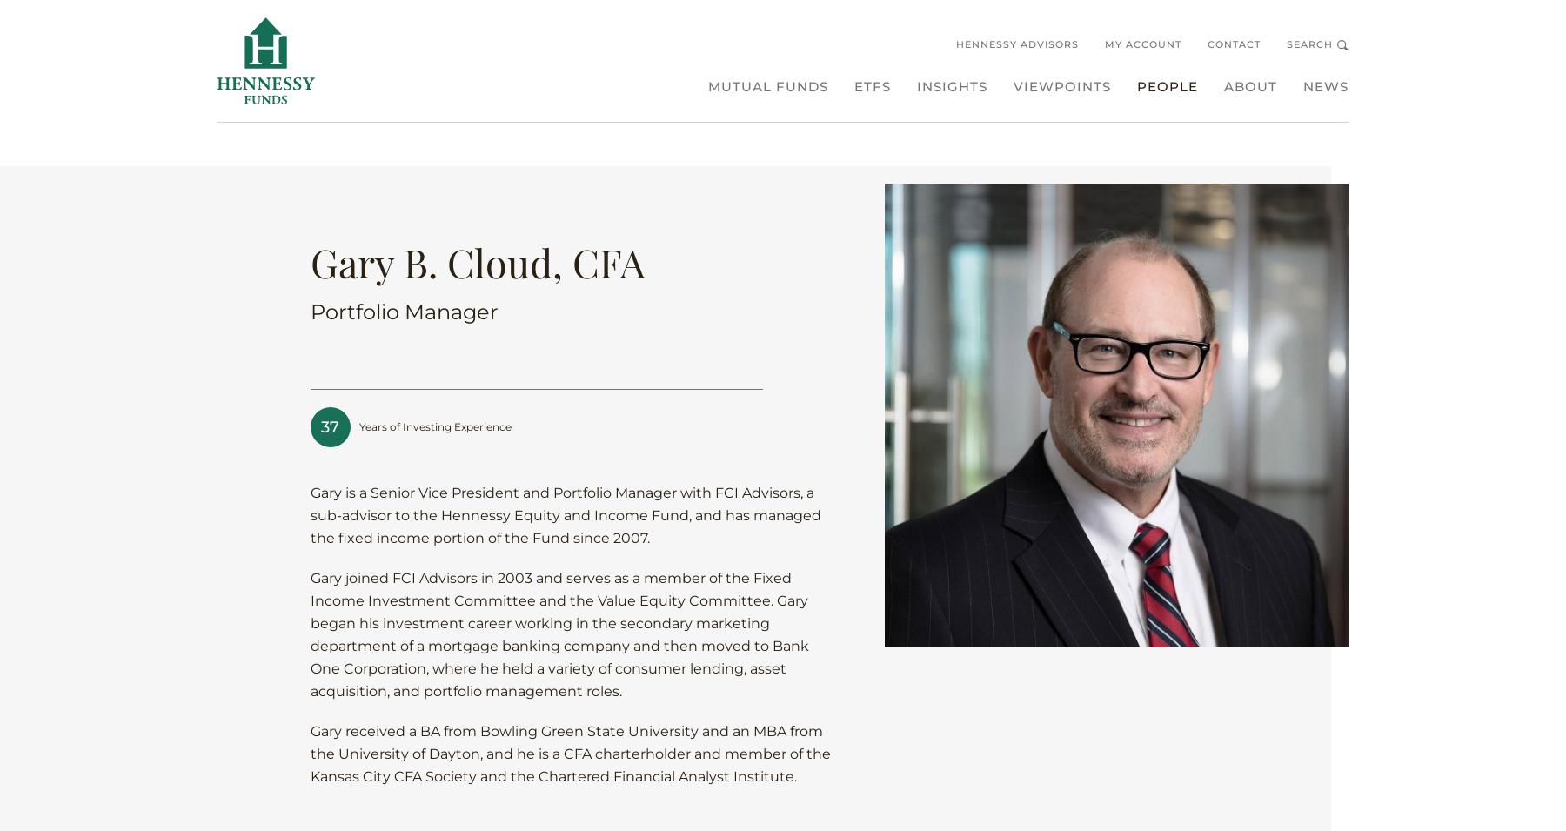 This screenshot has height=831, width=1566. I want to click on 'Hennessy Advisors', so click(1016, 43).